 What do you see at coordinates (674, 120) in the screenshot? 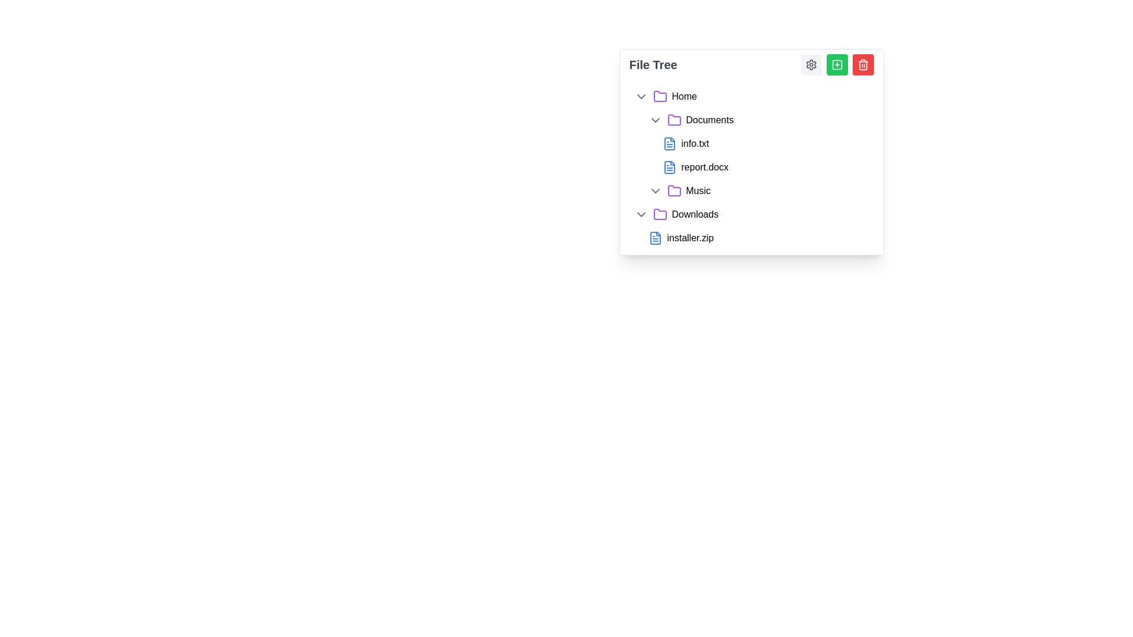
I see `the purple folder icon located to the left of the text 'Documents'` at bounding box center [674, 120].